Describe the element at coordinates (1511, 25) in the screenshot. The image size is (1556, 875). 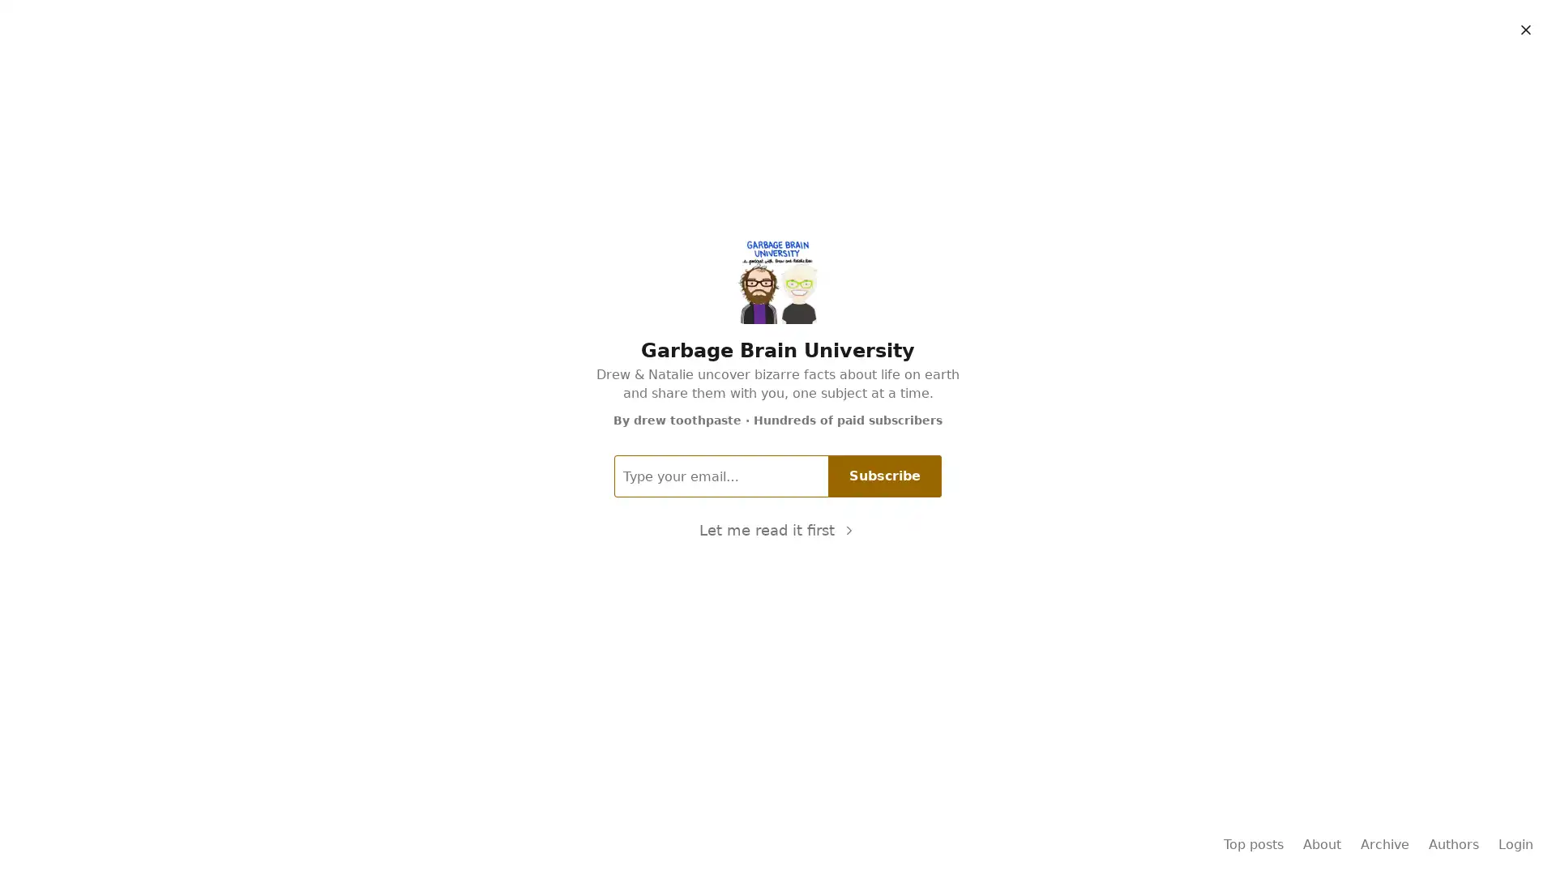
I see `Sign in` at that location.